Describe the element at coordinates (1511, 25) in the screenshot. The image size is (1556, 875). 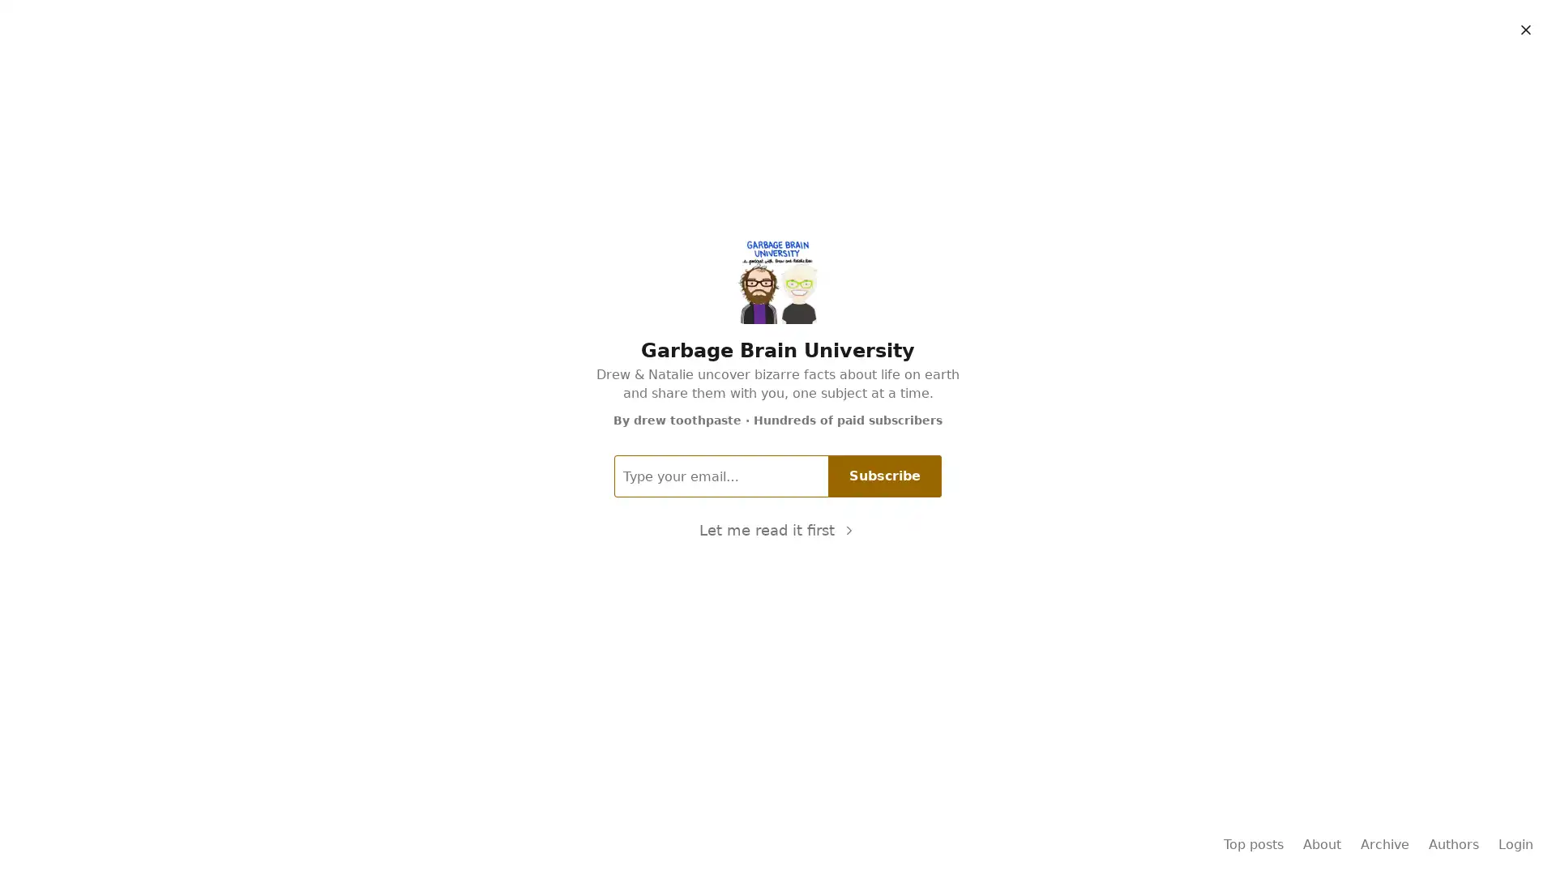
I see `Sign in` at that location.